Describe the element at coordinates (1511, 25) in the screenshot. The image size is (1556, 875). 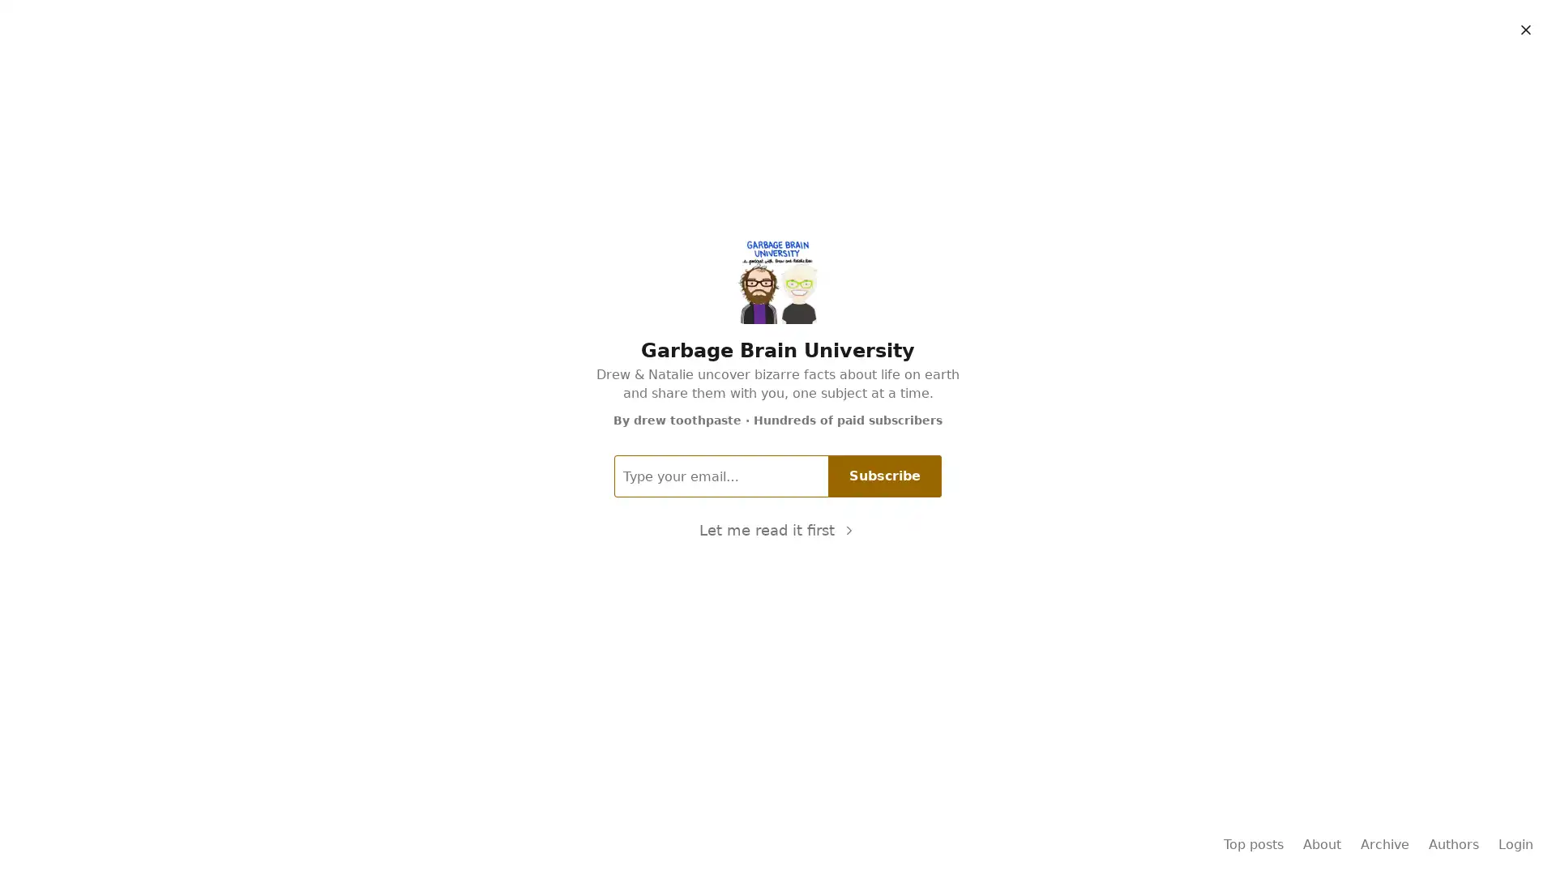
I see `Sign in` at that location.